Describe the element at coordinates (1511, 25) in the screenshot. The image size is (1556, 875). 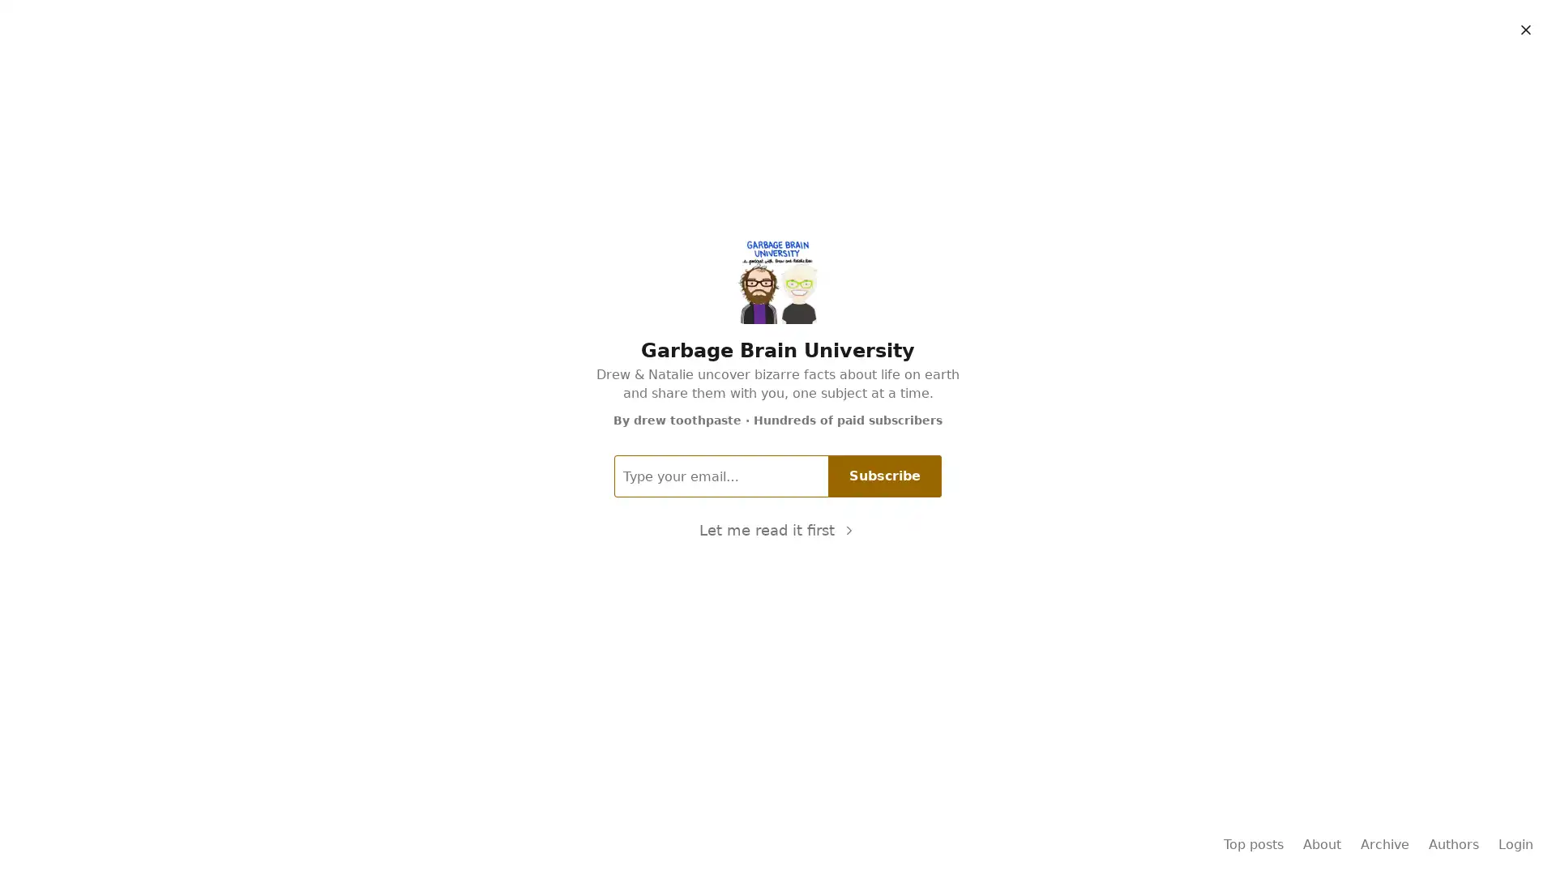
I see `Sign in` at that location.